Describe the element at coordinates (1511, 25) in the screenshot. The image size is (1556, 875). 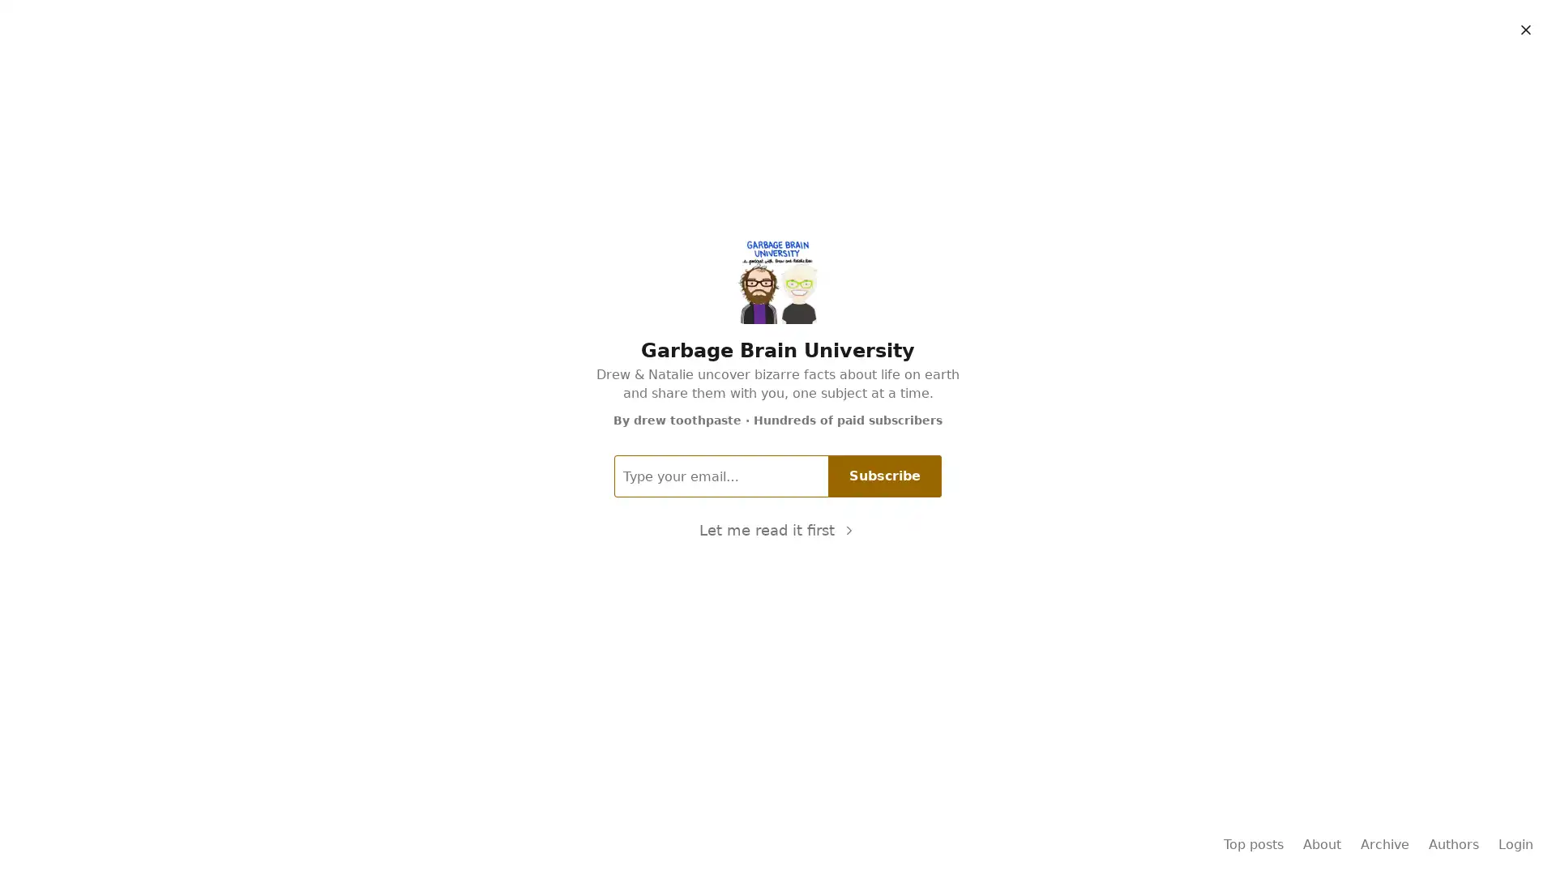
I see `Sign in` at that location.